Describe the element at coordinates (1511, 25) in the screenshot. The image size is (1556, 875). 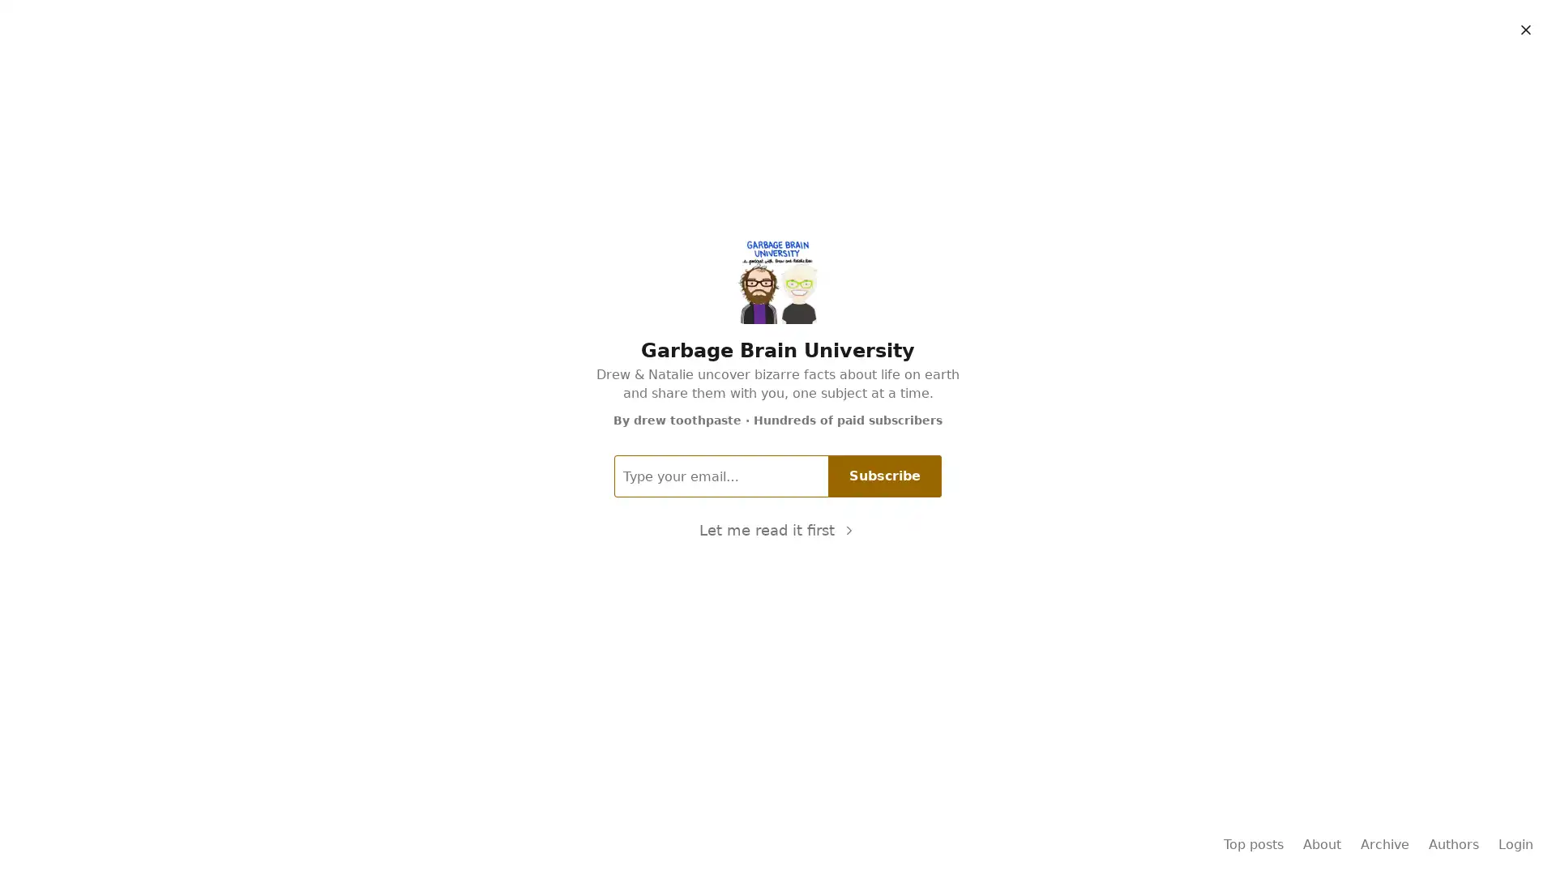
I see `Sign in` at that location.